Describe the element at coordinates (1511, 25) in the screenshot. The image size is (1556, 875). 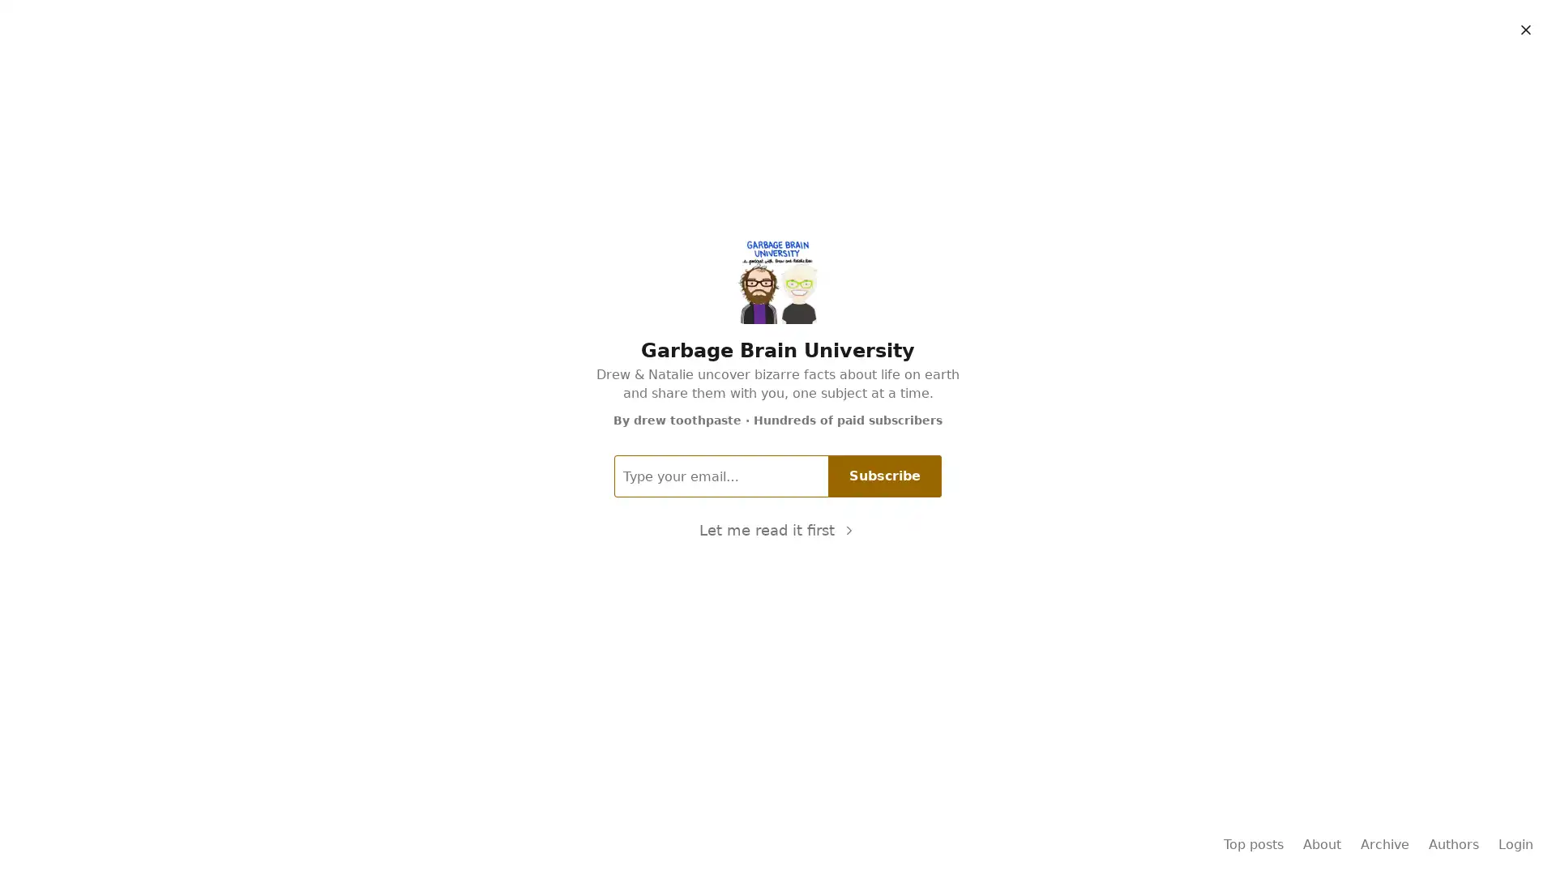
I see `Sign in` at that location.